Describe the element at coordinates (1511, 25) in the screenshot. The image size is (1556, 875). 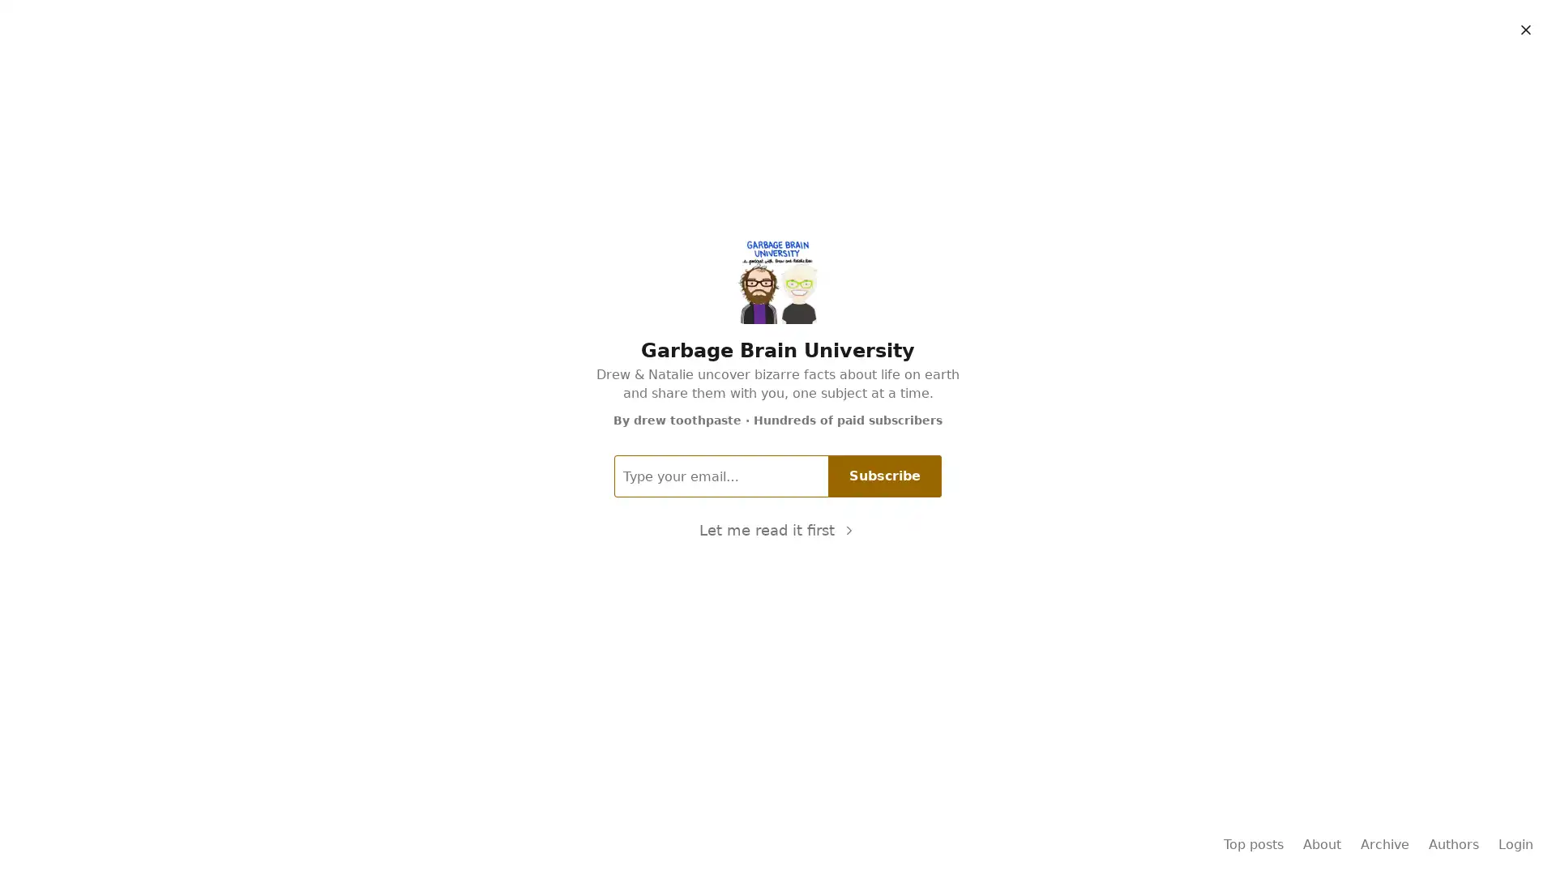
I see `Sign in` at that location.